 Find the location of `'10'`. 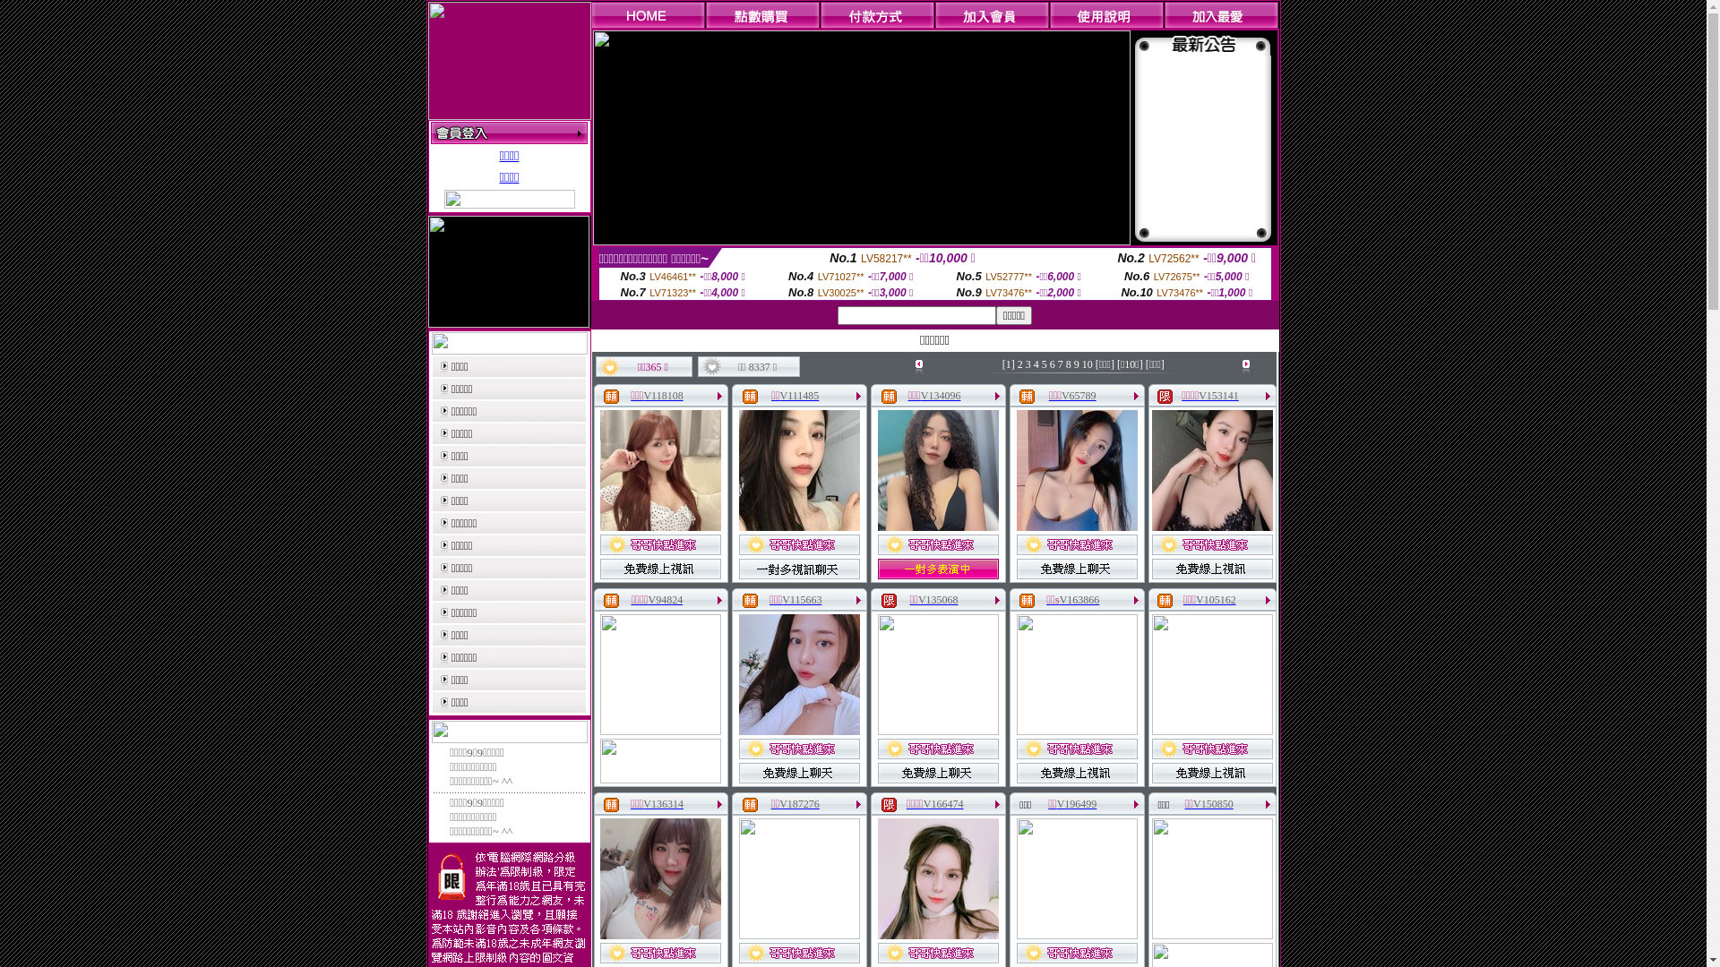

'10' is located at coordinates (1087, 364).